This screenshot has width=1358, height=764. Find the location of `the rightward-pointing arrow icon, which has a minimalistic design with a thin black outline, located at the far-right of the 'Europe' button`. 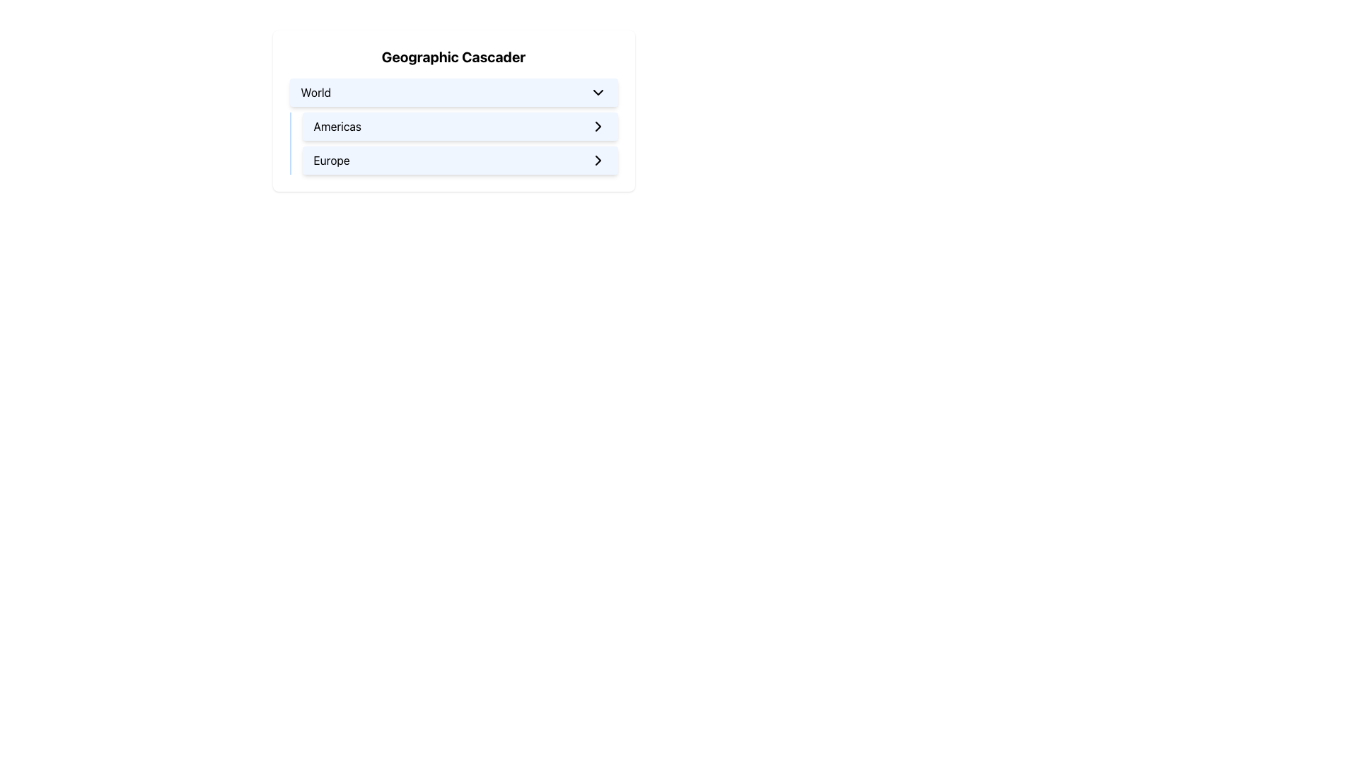

the rightward-pointing arrow icon, which has a minimalistic design with a thin black outline, located at the far-right of the 'Europe' button is located at coordinates (598, 160).